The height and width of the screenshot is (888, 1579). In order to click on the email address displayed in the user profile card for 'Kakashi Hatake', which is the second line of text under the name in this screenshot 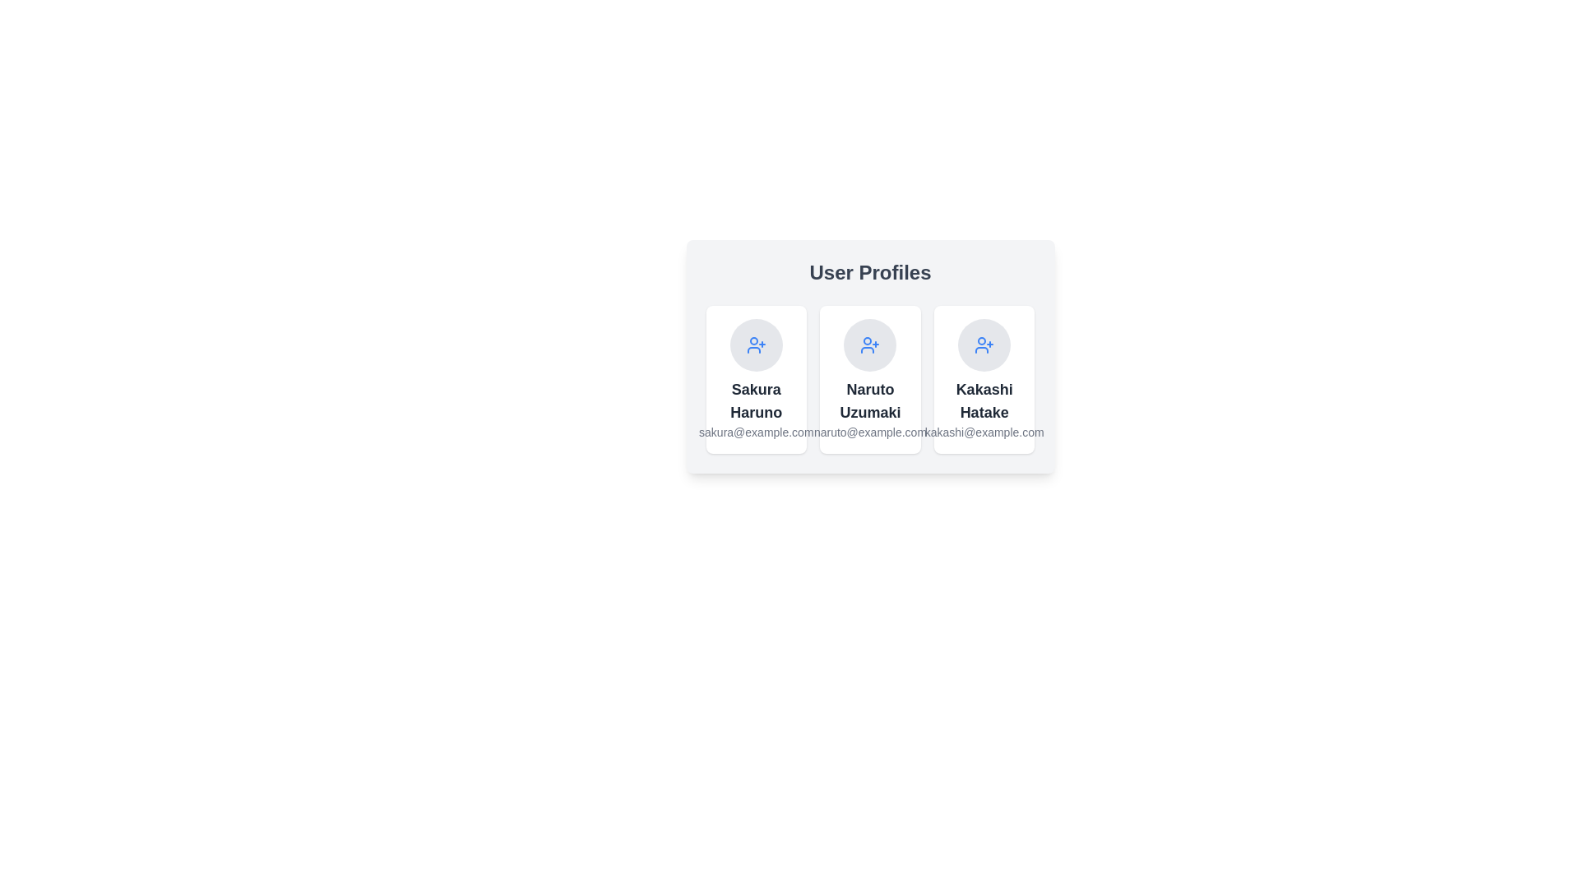, I will do `click(984, 431)`.